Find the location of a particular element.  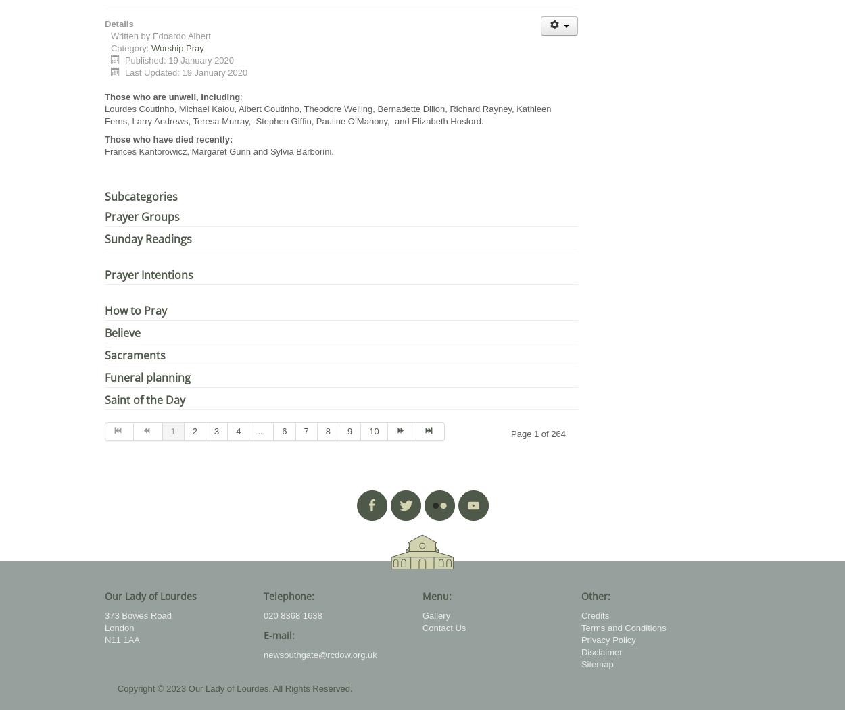

'Believe' is located at coordinates (122, 333).